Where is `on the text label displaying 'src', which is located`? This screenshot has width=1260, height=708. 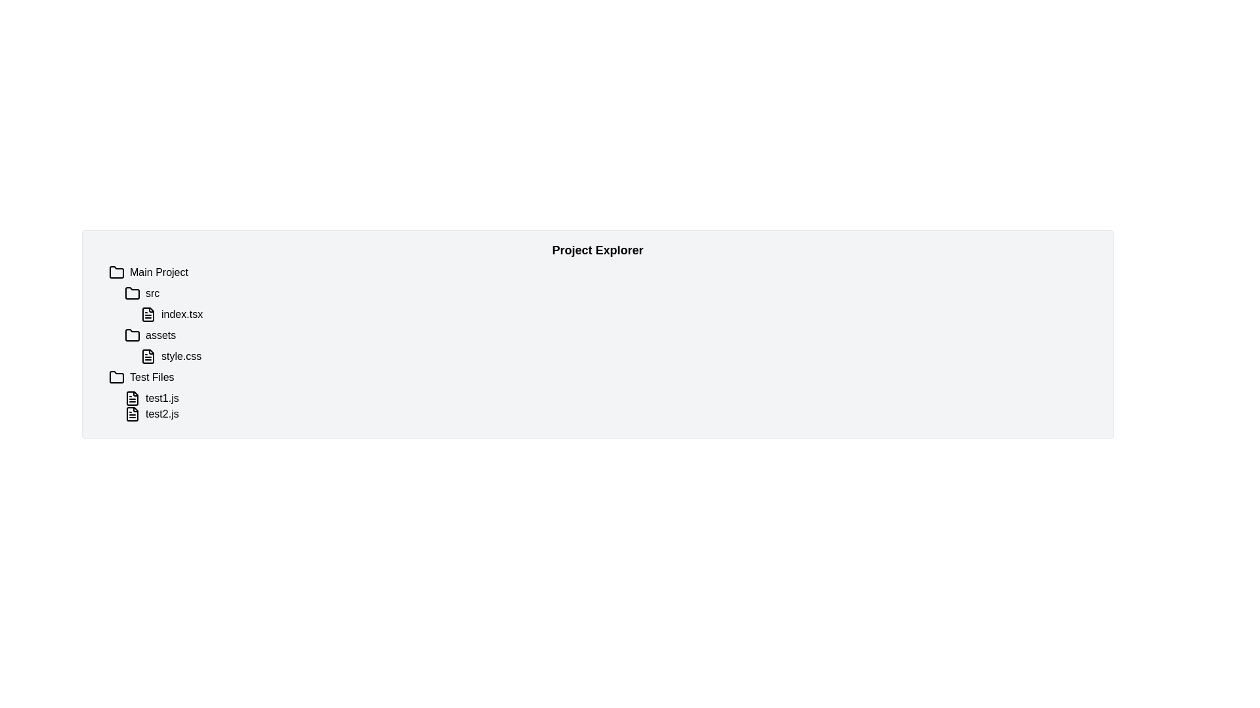
on the text label displaying 'src', which is located is located at coordinates (152, 292).